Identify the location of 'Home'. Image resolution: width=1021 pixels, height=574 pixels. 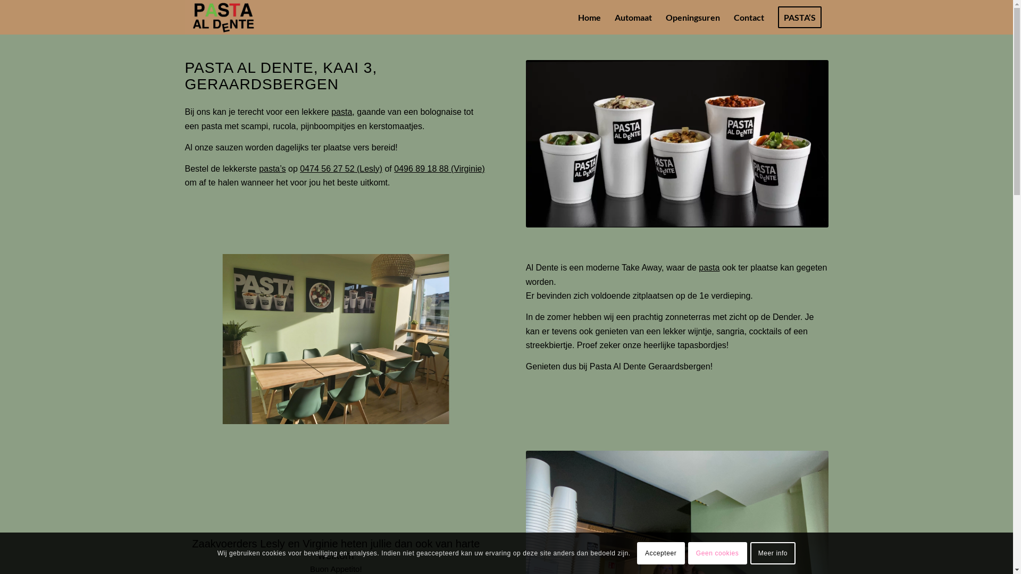
(589, 17).